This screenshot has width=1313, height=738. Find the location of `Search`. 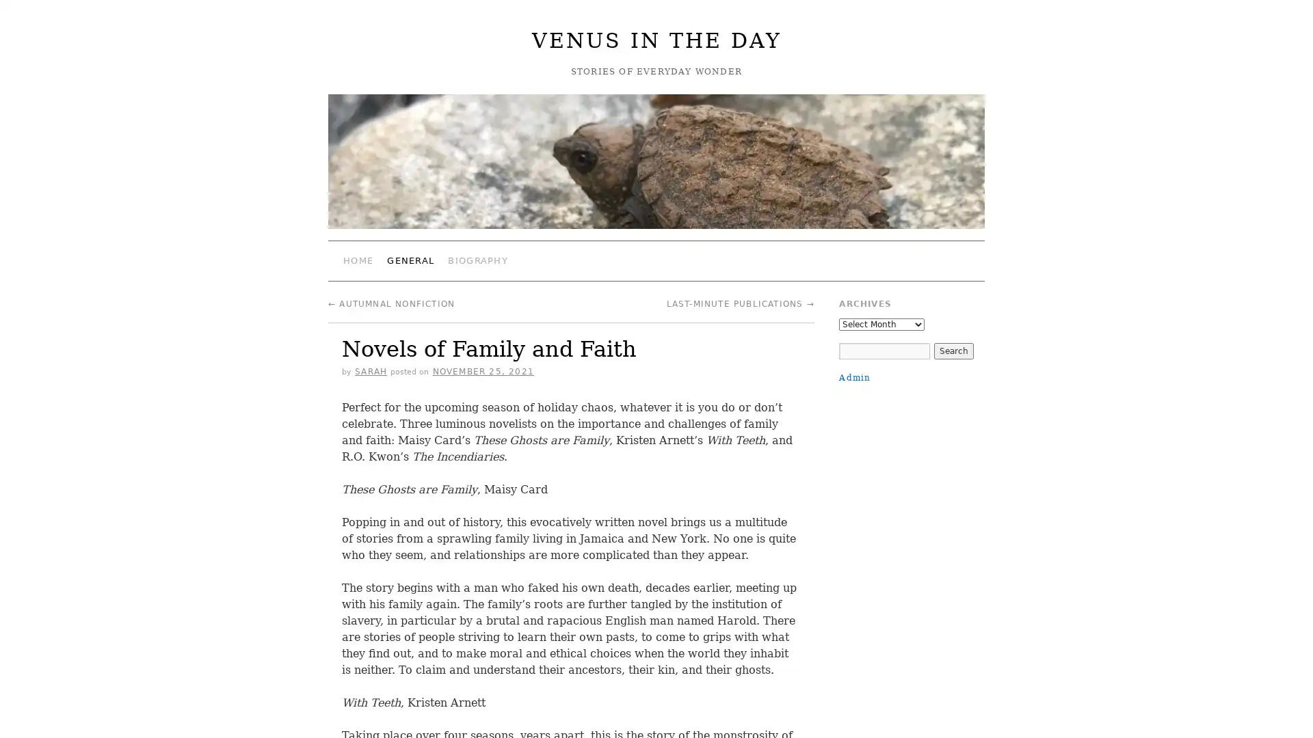

Search is located at coordinates (952, 350).